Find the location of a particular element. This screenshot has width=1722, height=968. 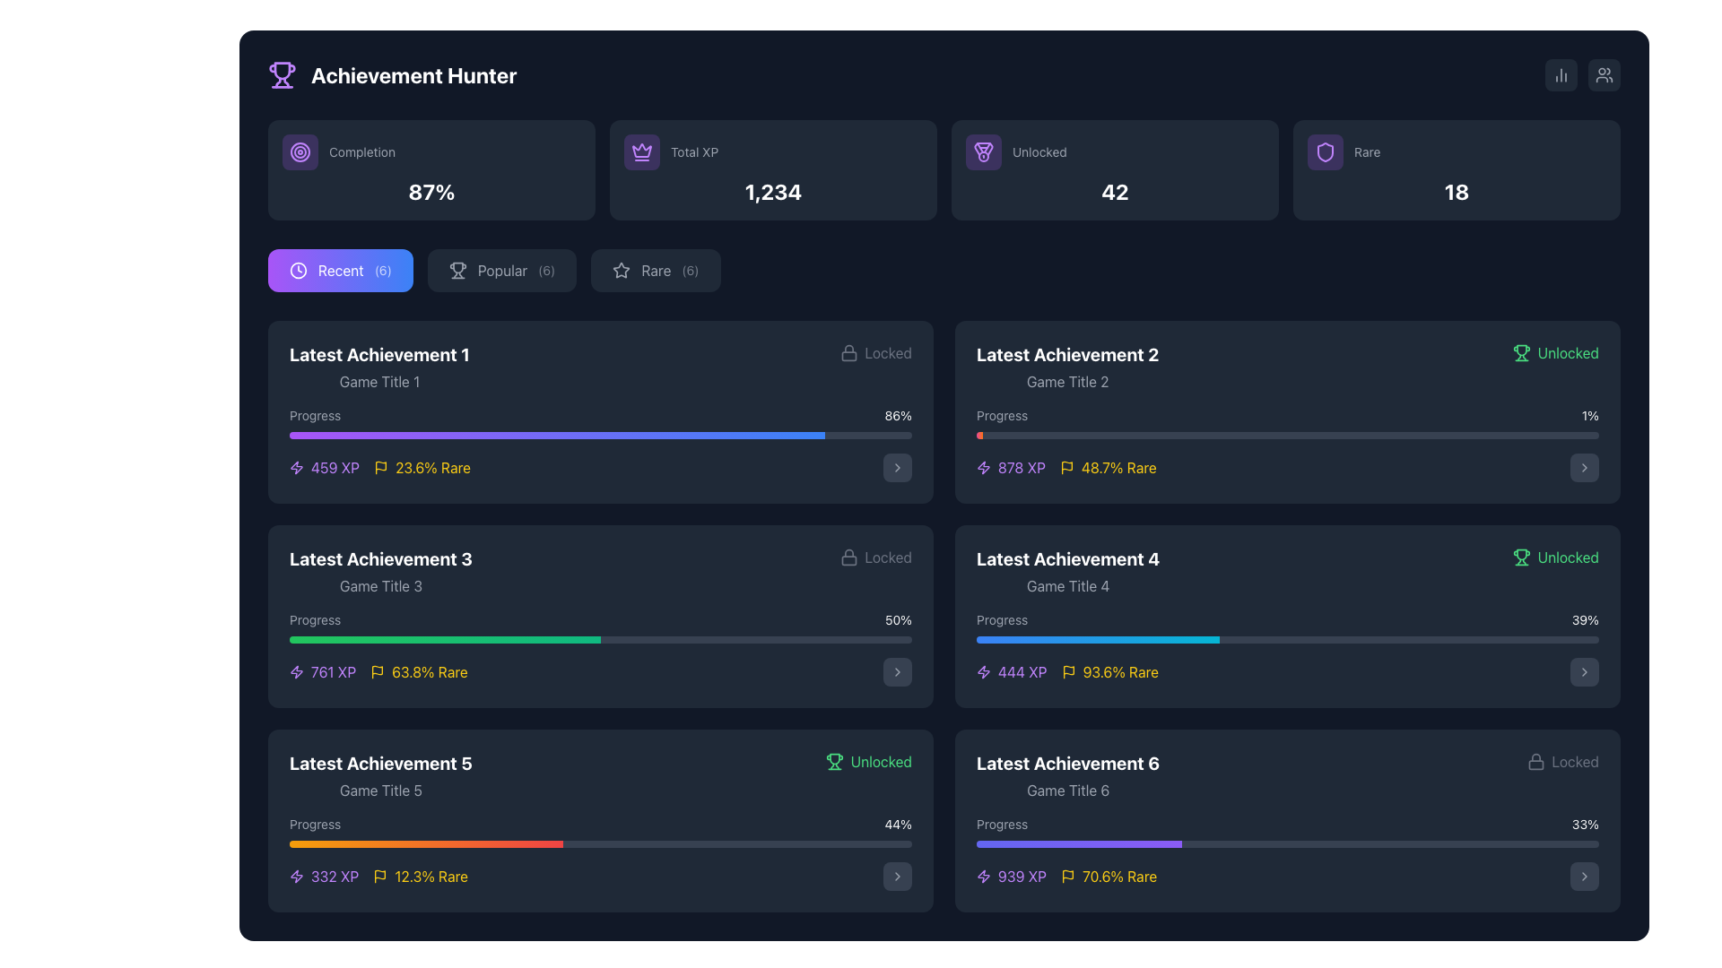

the filled portion of the progress bar segment in the 'Latest Achievement 1' block, which is a narrow horizontal bar with a gradient from purple to blue is located at coordinates (556, 436).